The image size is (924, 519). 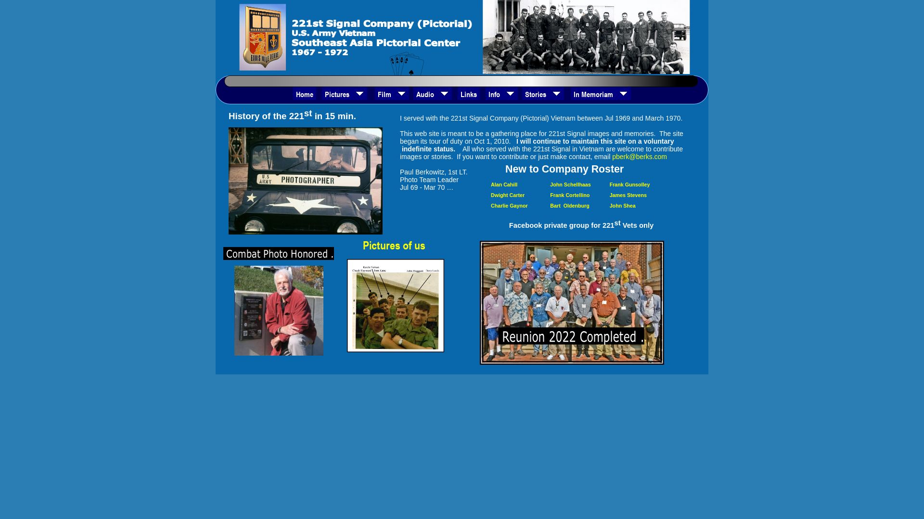 I want to click on 'Links', so click(x=468, y=93).